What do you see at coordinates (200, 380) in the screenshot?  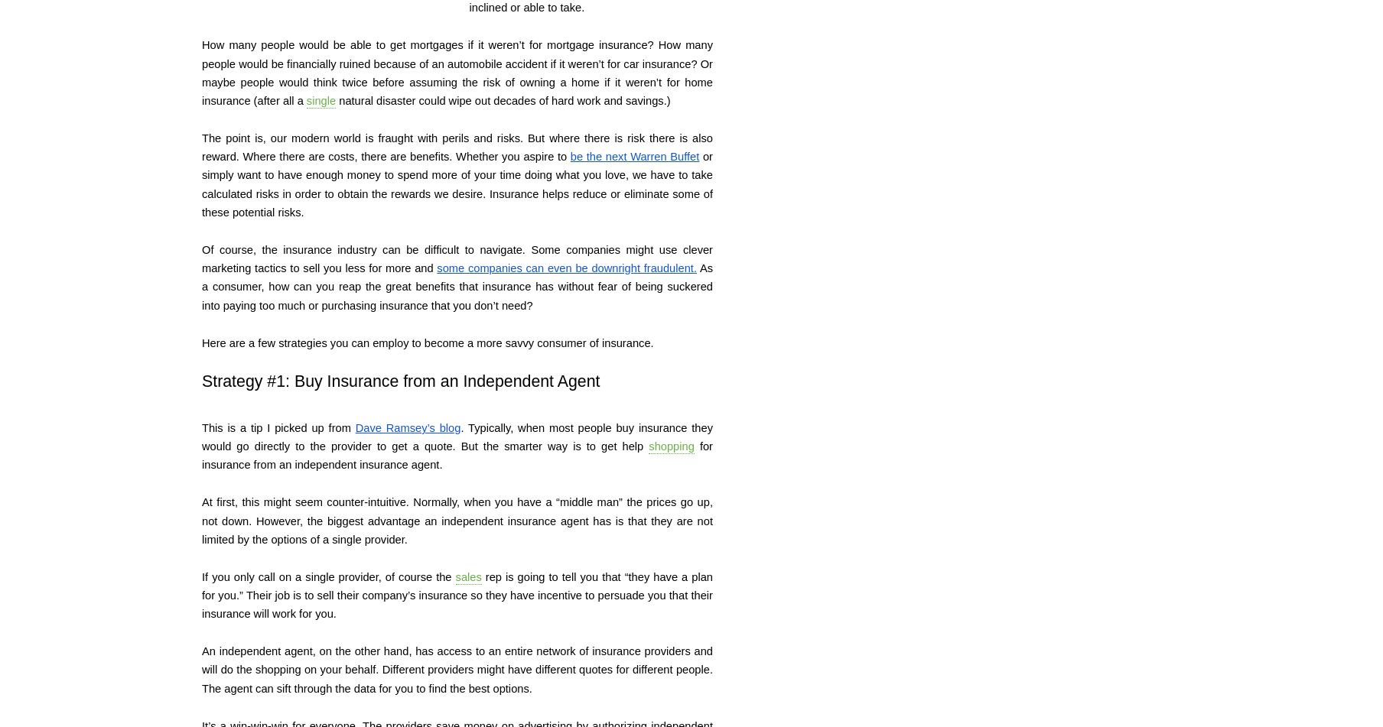 I see `'Strategy #1: Buy Insurance from an Independent Agent'` at bounding box center [200, 380].